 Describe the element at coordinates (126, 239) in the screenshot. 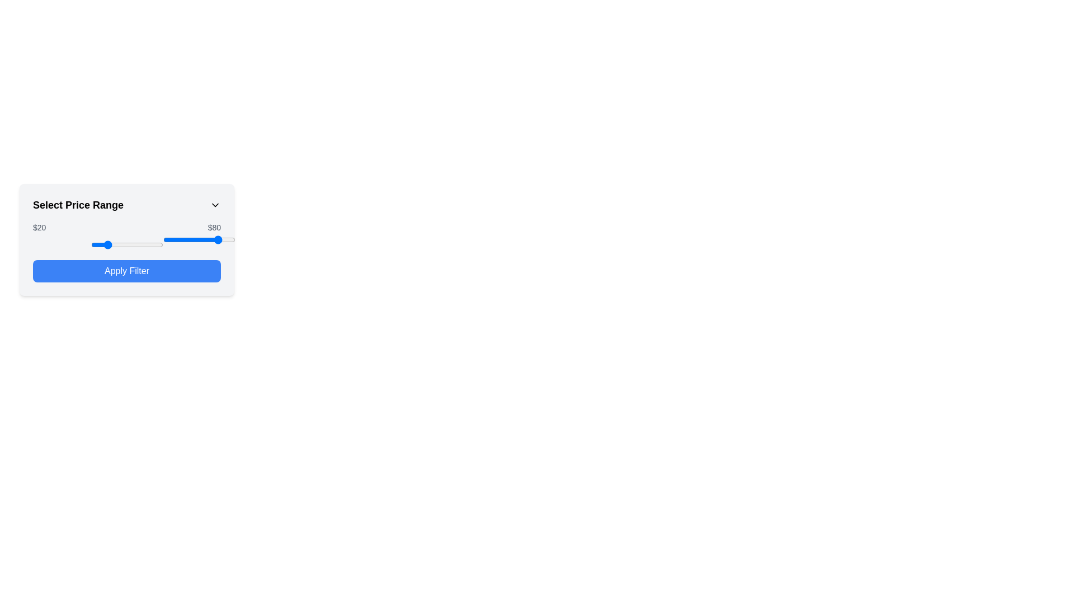

I see `the 'Apply Filter' button located within the selection panel titled 'Select Price Range', which has a light gray background and rounded corners` at that location.